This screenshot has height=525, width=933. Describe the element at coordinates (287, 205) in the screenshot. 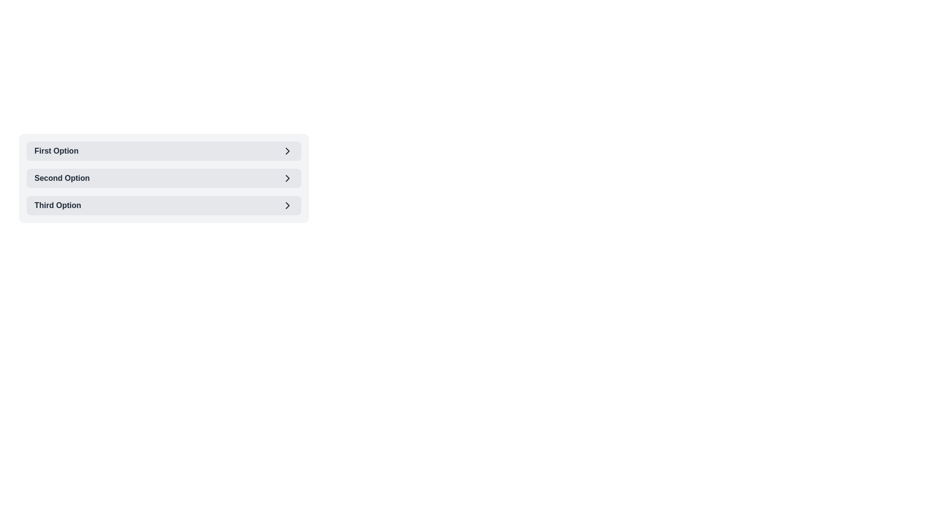

I see `the right-pointing chevron icon used for navigation or expansion, located at the far right of the third row, aligned with the 'Third Option' label` at that location.